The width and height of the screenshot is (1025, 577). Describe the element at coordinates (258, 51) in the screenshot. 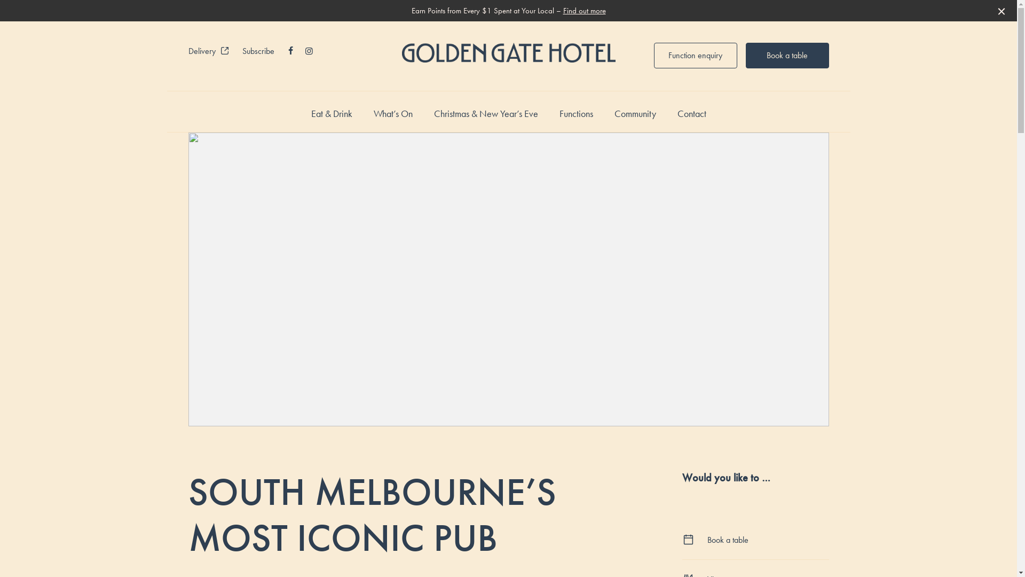

I see `'Subscribe'` at that location.